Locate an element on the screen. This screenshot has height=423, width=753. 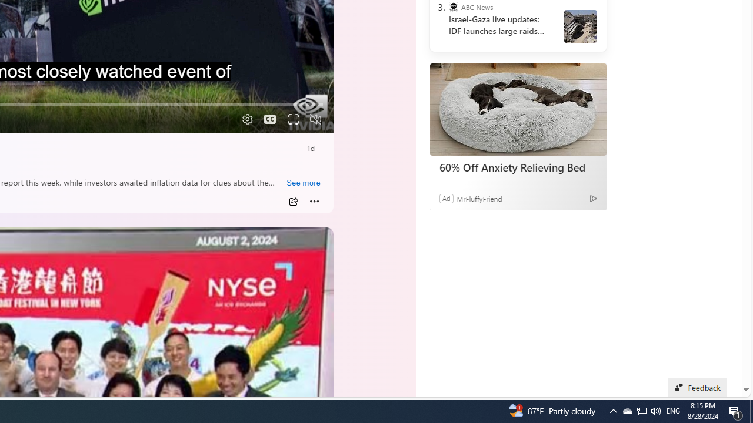
'Unmute' is located at coordinates (315, 119).